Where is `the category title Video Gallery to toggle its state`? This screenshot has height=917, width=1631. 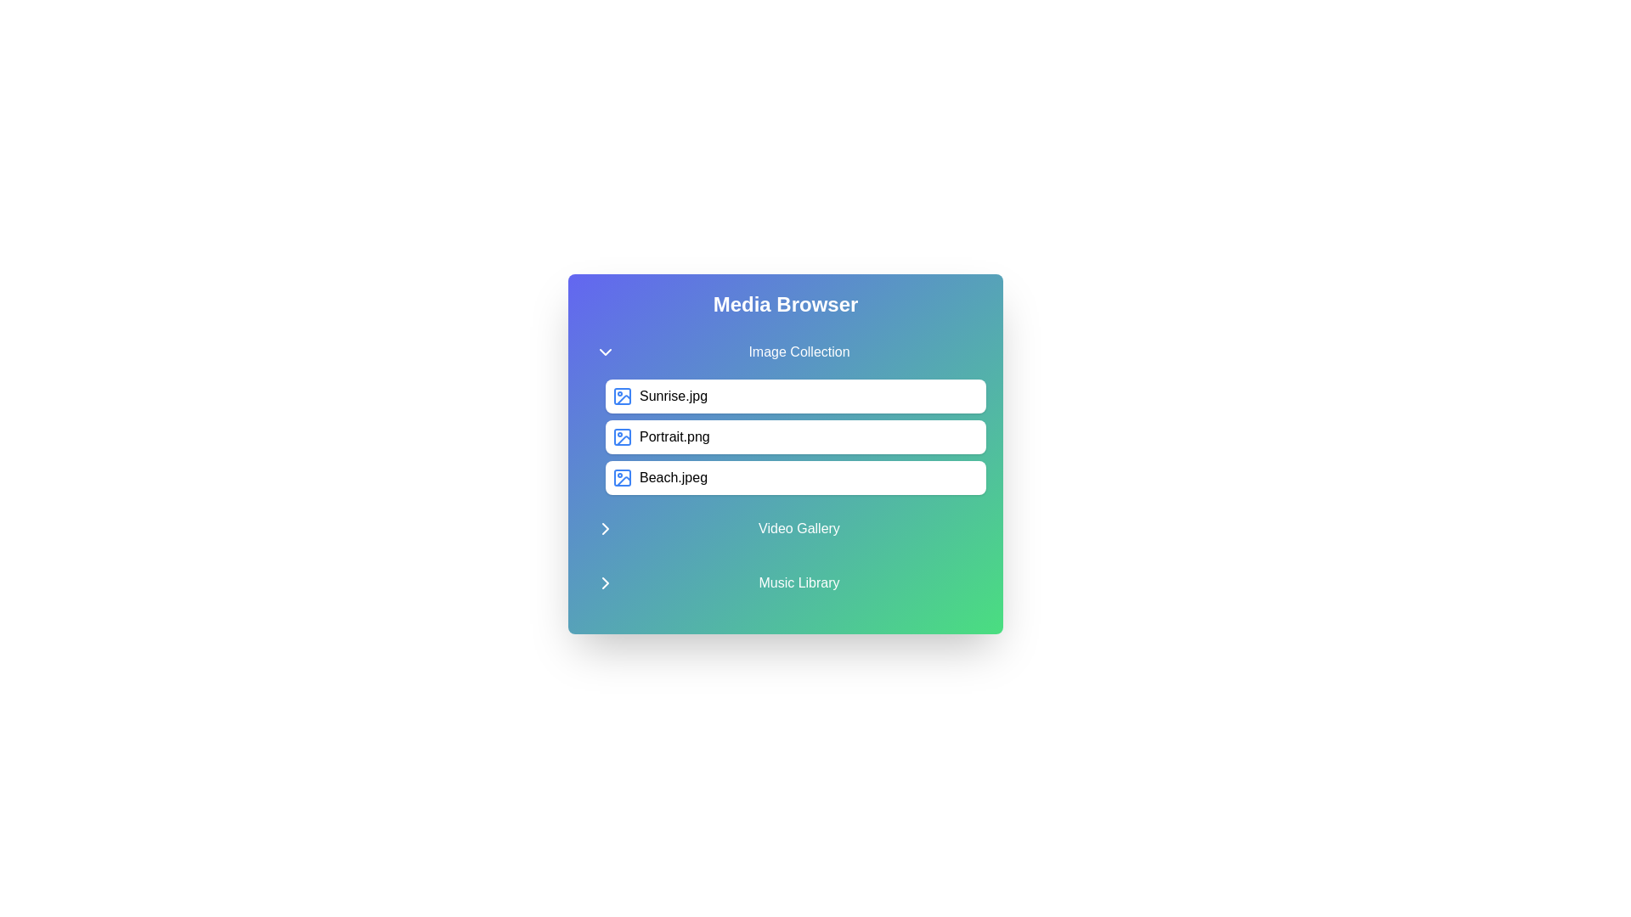
the category title Video Gallery to toggle its state is located at coordinates (785, 528).